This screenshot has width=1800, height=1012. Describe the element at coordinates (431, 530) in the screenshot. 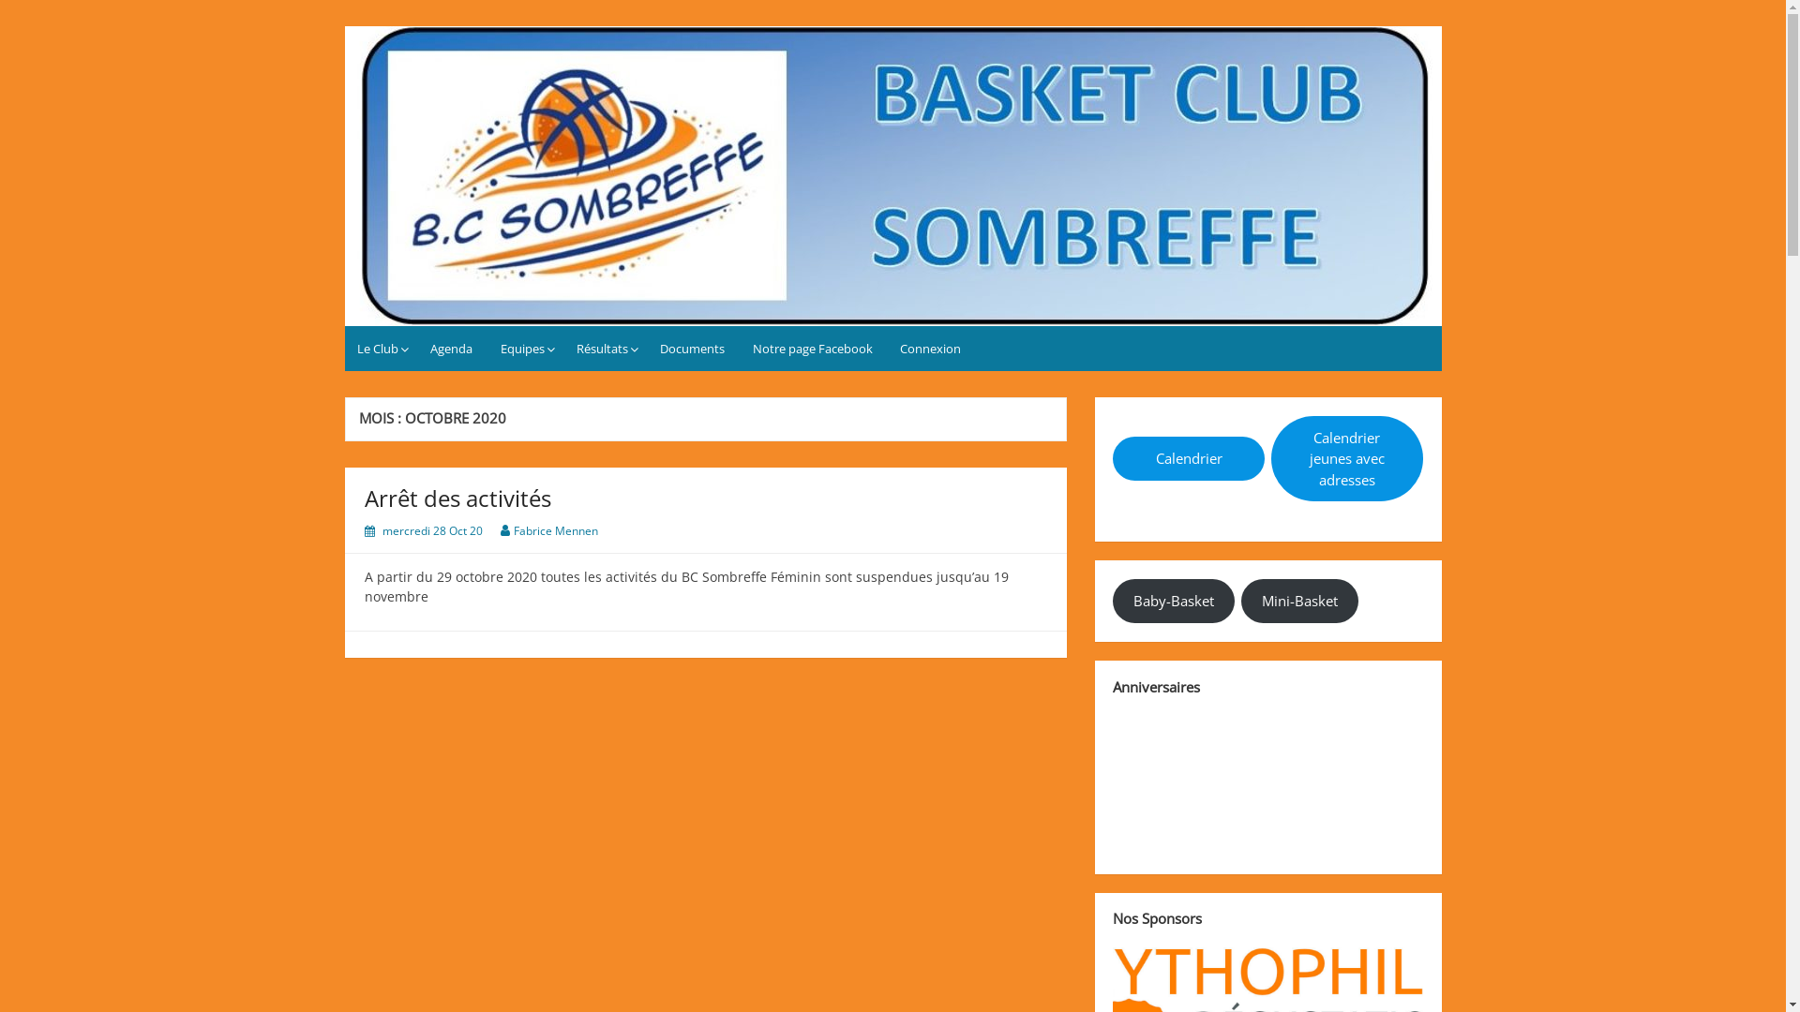

I see `'mercredi 28 Oct 20'` at that location.